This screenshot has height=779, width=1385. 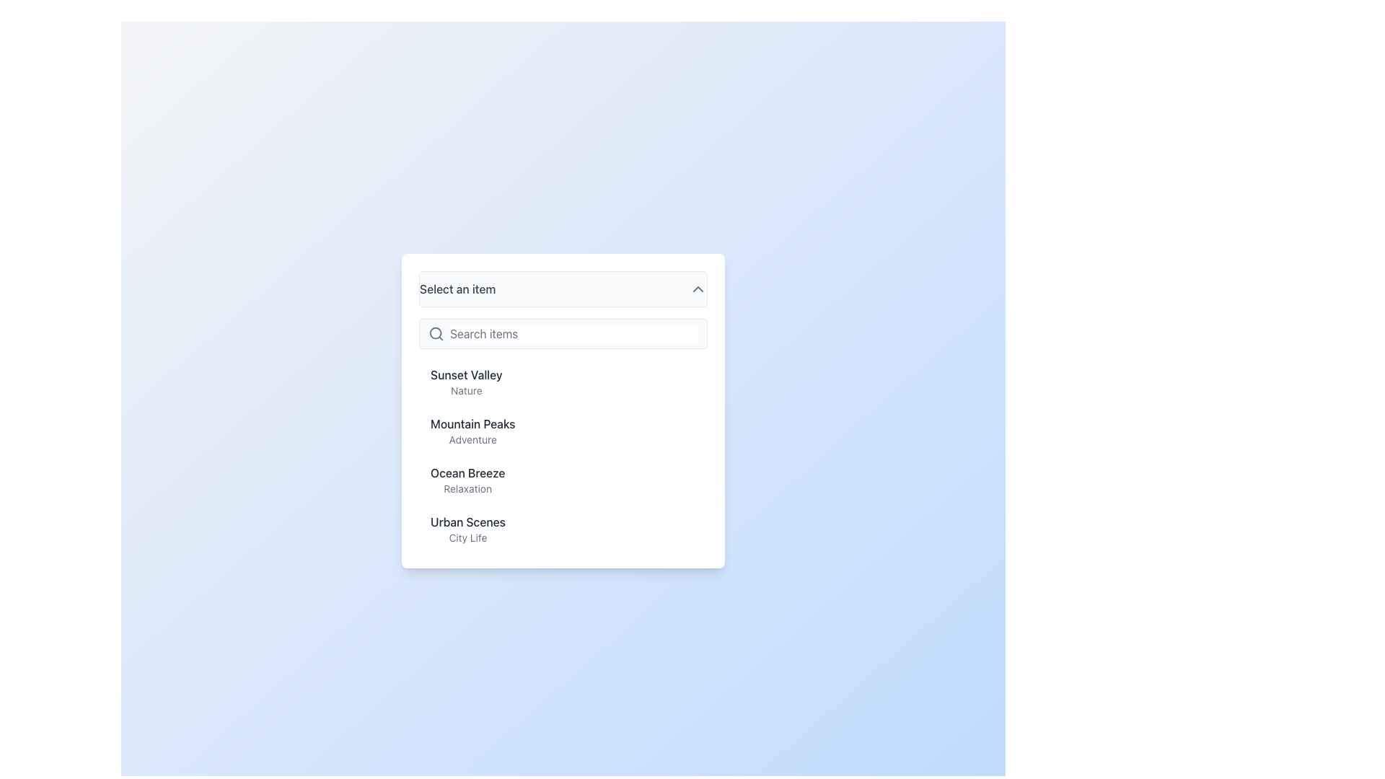 I want to click on the title 'Ocean Breeze' in the dropdown menu, which is a non-interactive text element serving as the main title above the subtitle 'Relaxation', so click(x=467, y=472).